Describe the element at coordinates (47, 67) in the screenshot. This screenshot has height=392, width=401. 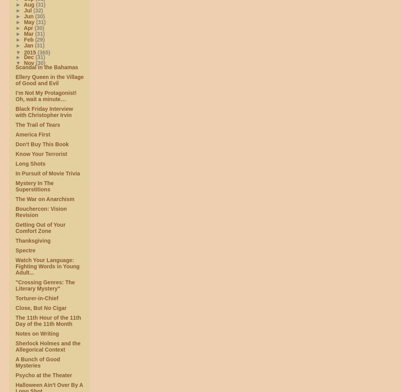
I see `'Scandal in the Bahamas'` at that location.